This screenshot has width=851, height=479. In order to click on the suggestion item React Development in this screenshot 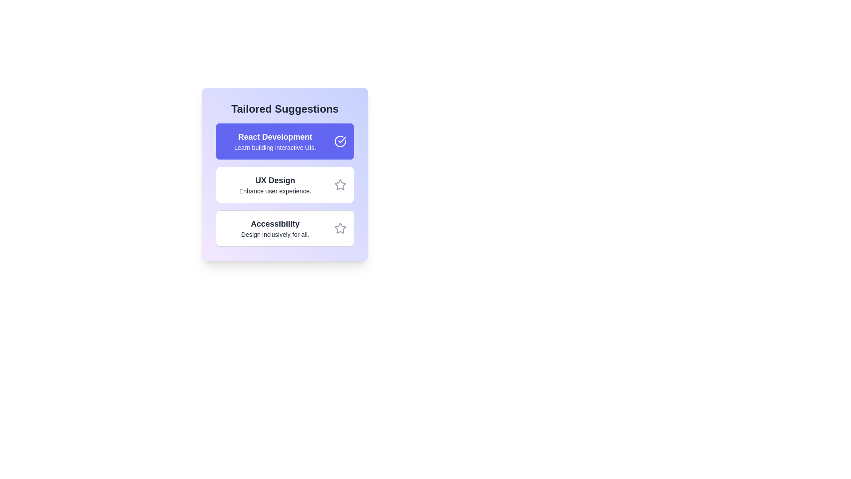, I will do `click(285, 141)`.